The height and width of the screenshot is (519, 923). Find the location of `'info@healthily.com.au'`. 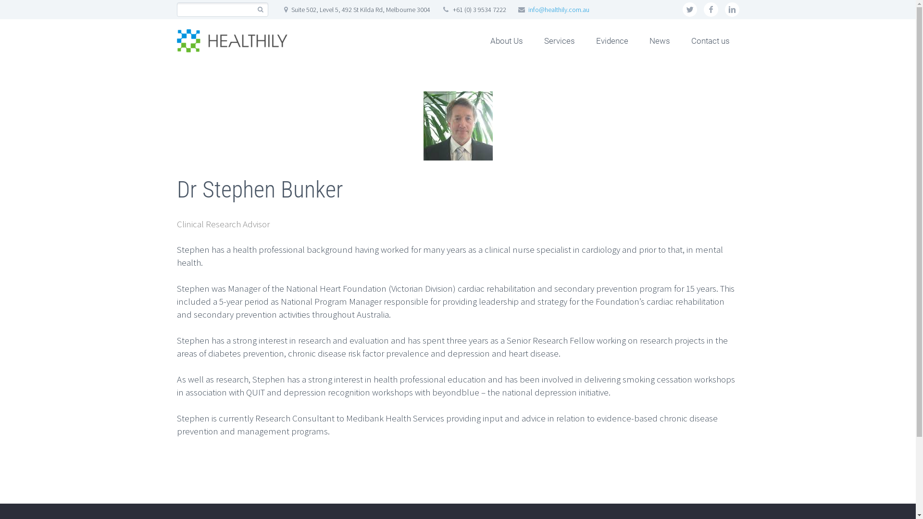

'info@healthily.com.au' is located at coordinates (559, 9).